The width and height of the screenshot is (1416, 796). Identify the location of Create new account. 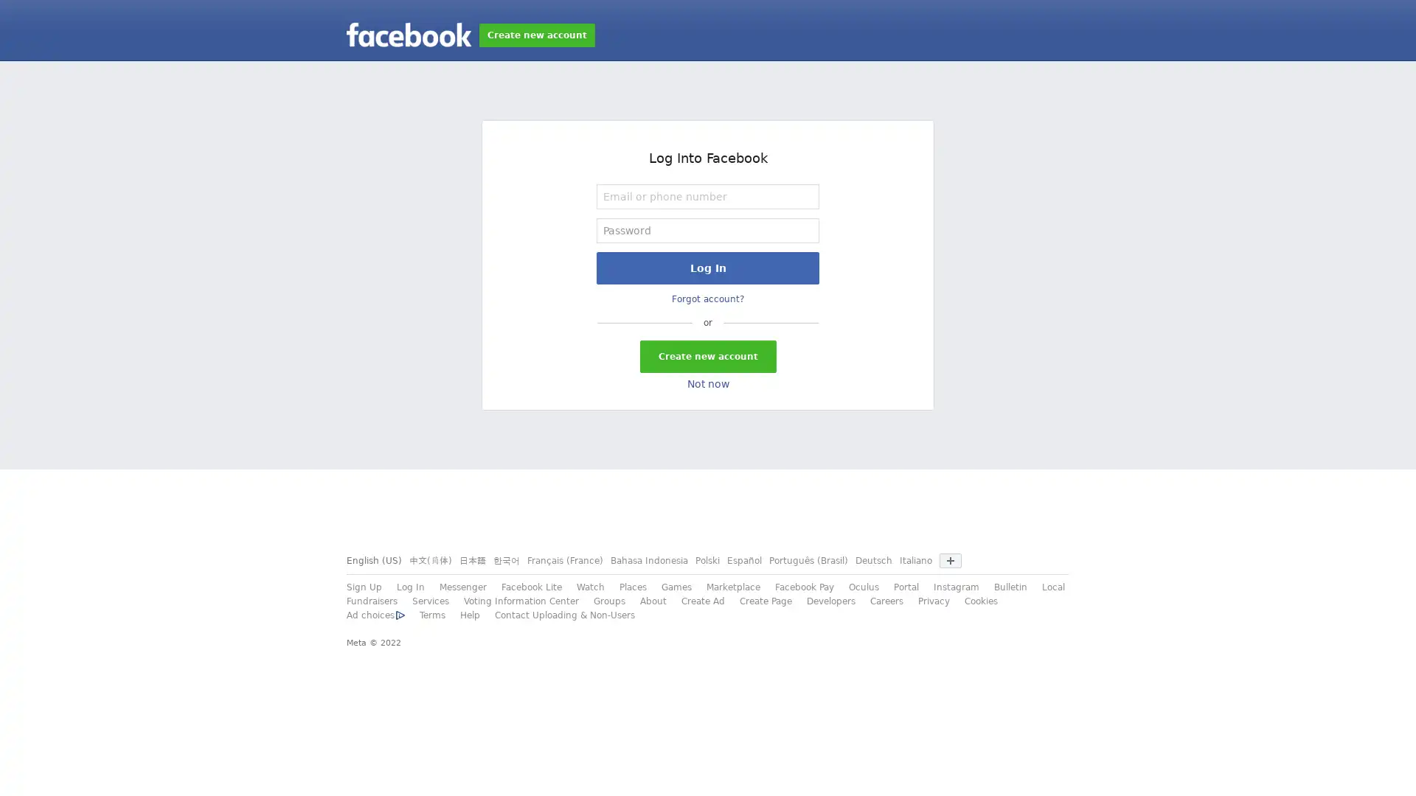
(536, 34).